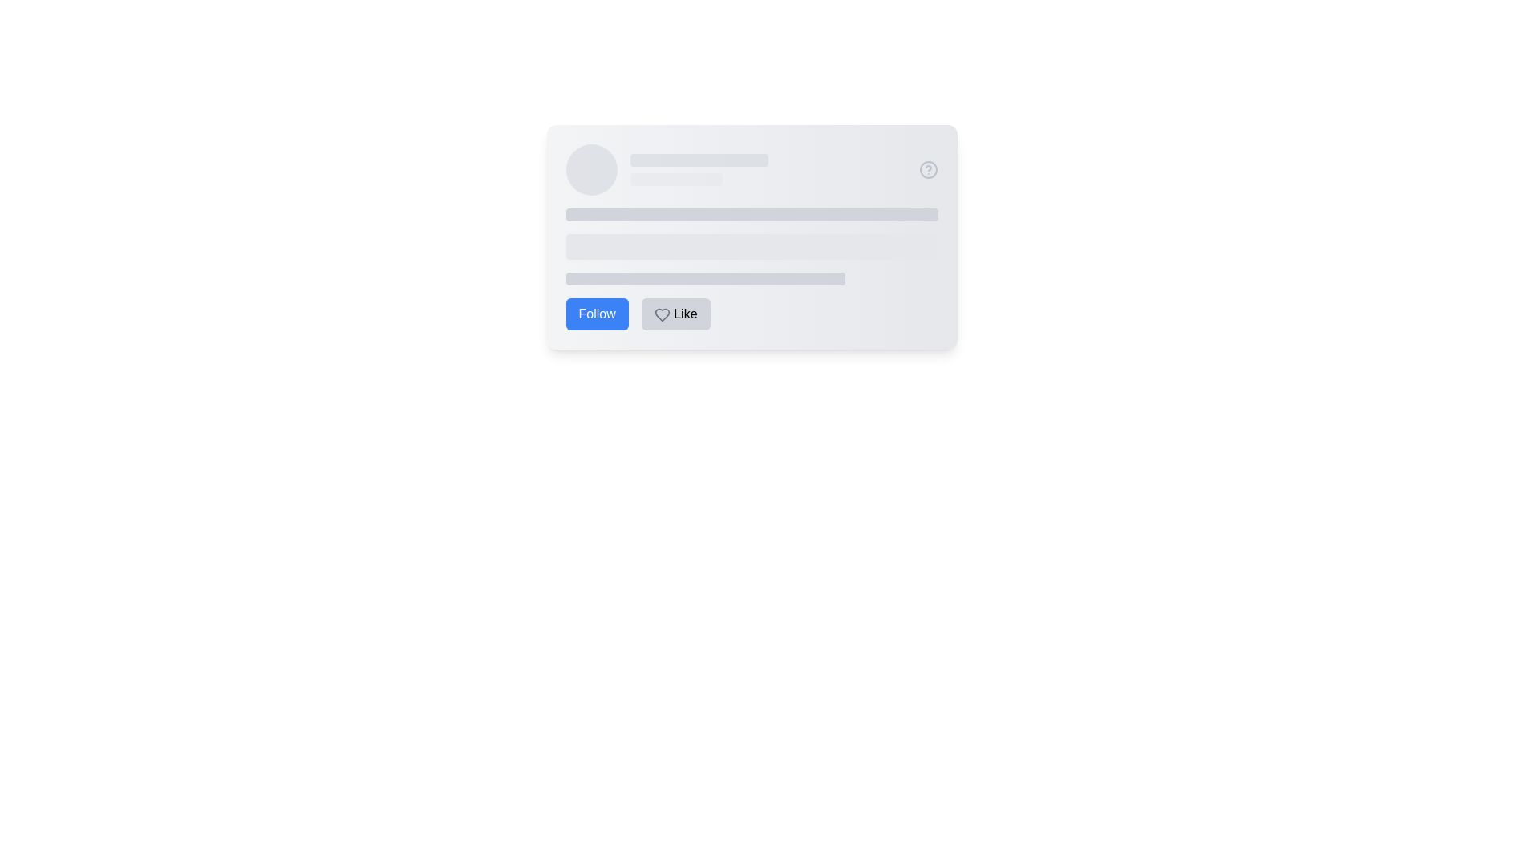 The image size is (1540, 866). I want to click on the follow button, which is the leftmost button among a group of interactive elements in a horizontal layout, to follow a user or entity, so click(596, 314).